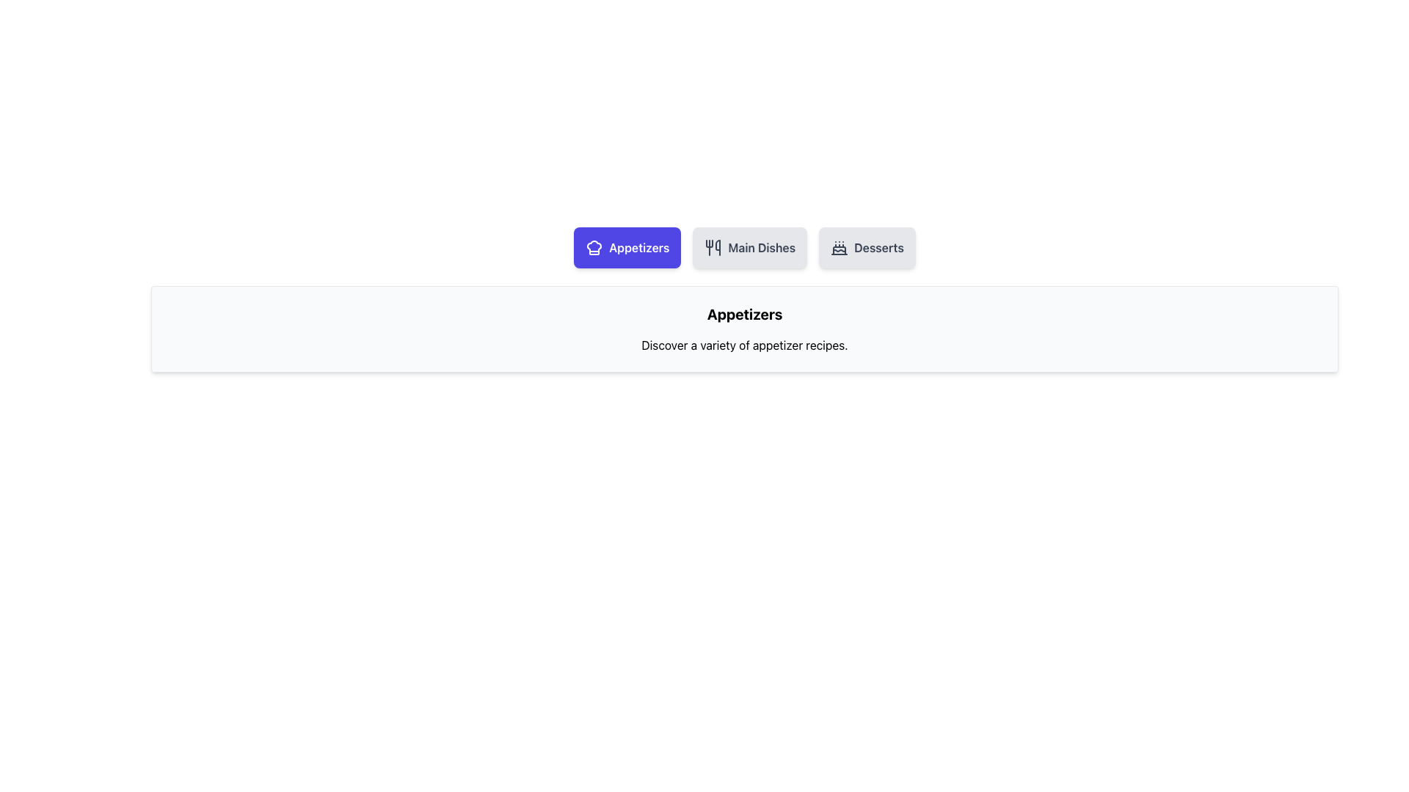 The height and width of the screenshot is (792, 1409). I want to click on the 'Main Dishes' button, which has a light gray background and rounded edges, so click(750, 247).